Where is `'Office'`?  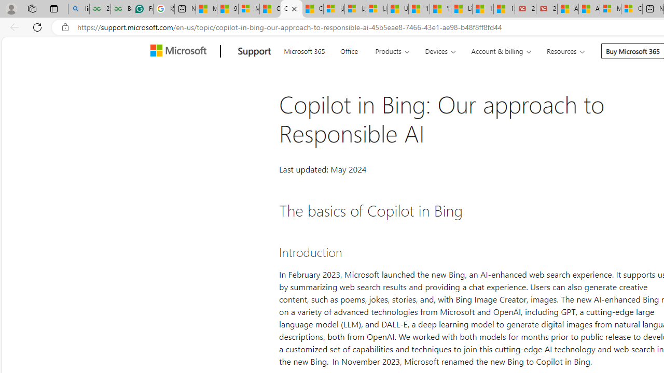
'Office' is located at coordinates (349, 50).